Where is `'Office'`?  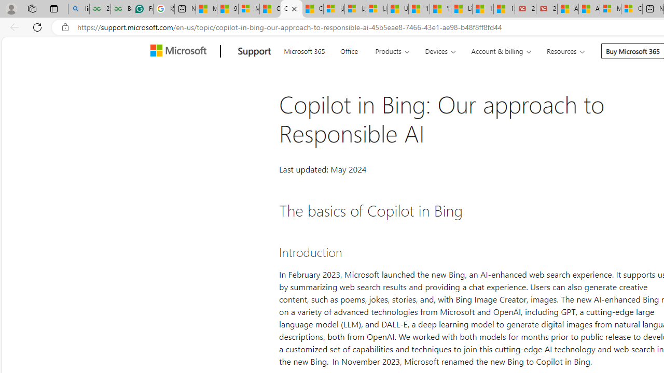
'Office' is located at coordinates (349, 50).